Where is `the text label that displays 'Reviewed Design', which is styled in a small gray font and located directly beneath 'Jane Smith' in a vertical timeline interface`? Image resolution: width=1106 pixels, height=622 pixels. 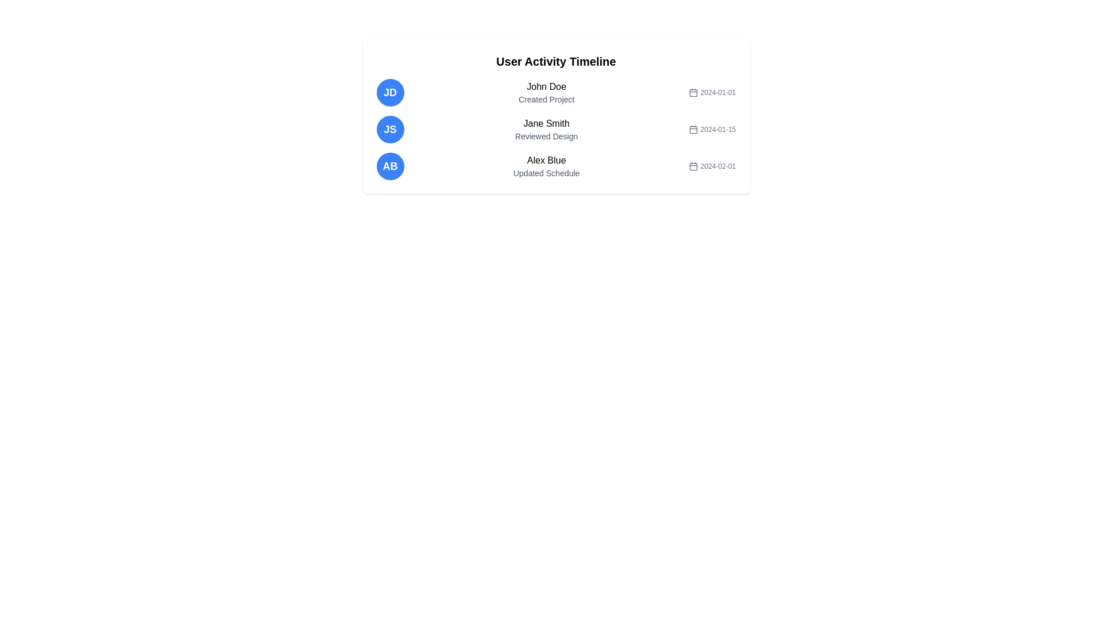
the text label that displays 'Reviewed Design', which is styled in a small gray font and located directly beneath 'Jane Smith' in a vertical timeline interface is located at coordinates (546, 135).